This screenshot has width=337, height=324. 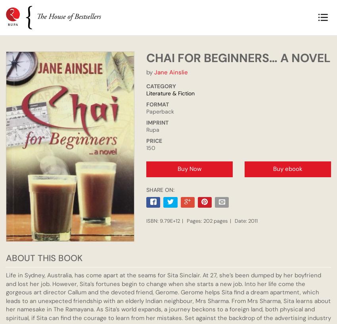 What do you see at coordinates (70, 115) in the screenshot?
I see `'THE LORDS OF WANKHEDE: TALES BETWEEN TWO TITLES'` at bounding box center [70, 115].